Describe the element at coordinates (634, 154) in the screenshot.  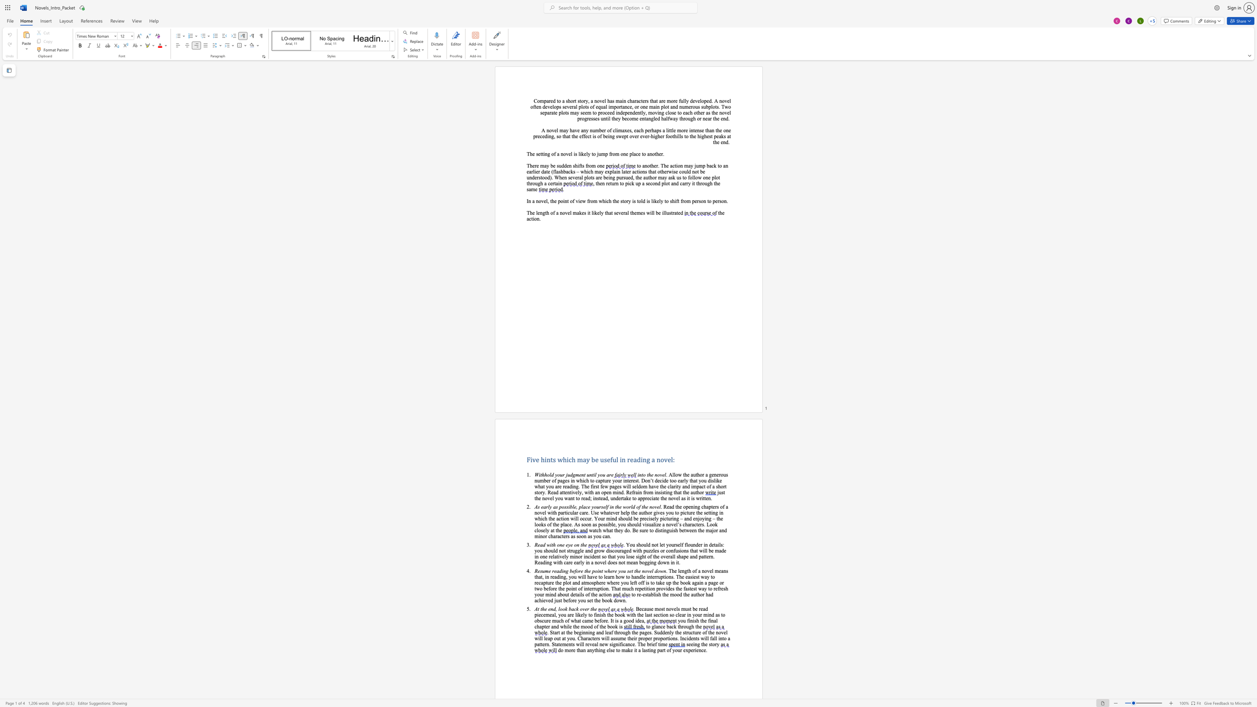
I see `the 2th character "a" in the text` at that location.